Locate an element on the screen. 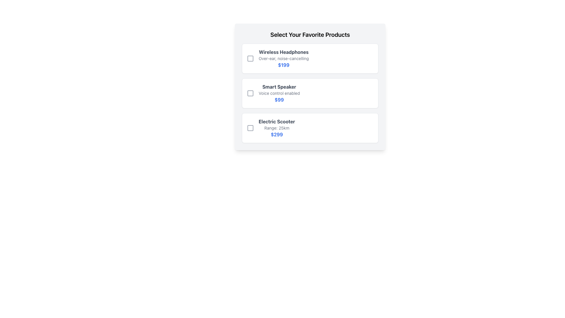 Image resolution: width=565 pixels, height=318 pixels. text content of the price label displaying '$99' in bold, blue text, located below the 'Smart Speaker' product title within the second product selection box is located at coordinates (279, 100).